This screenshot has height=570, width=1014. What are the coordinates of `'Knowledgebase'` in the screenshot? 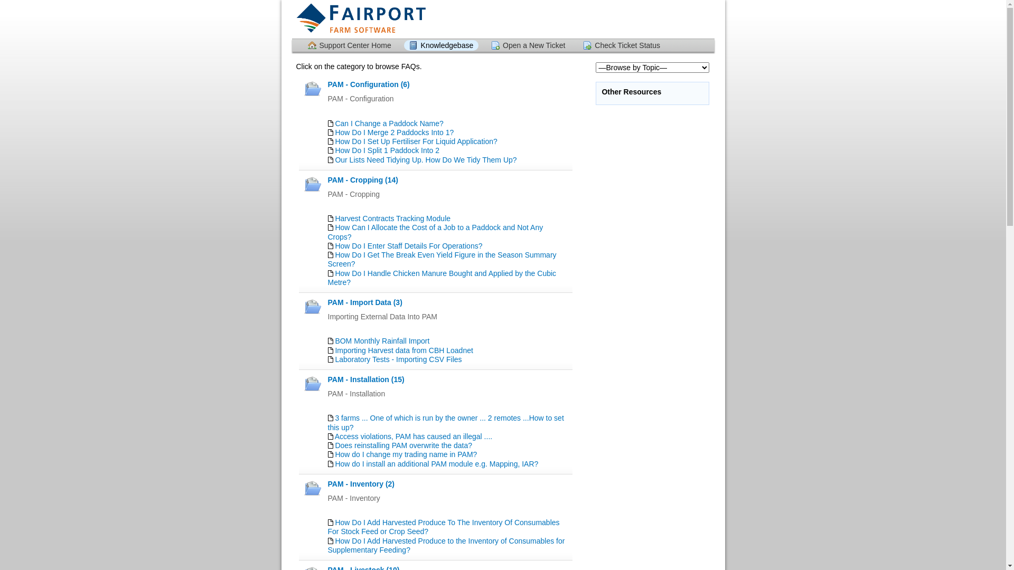 It's located at (441, 44).